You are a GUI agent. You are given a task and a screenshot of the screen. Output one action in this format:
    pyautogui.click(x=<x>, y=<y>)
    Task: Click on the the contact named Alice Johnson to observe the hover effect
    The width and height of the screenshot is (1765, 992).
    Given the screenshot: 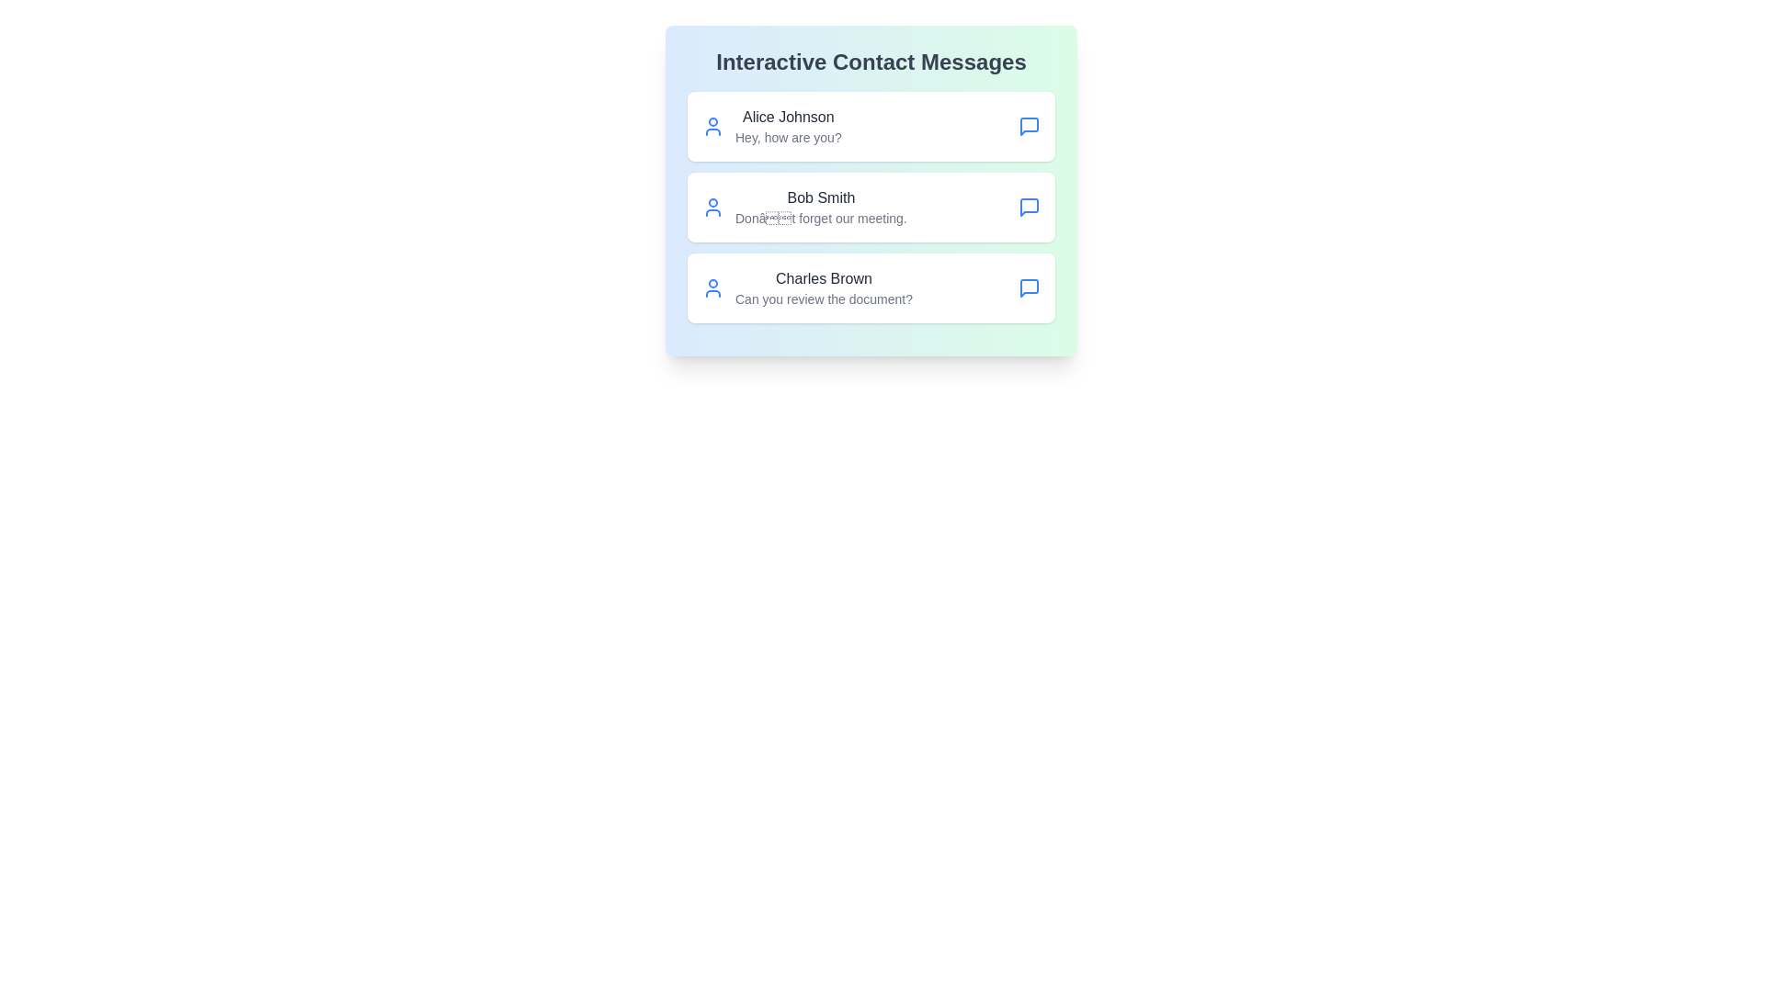 What is the action you would take?
    pyautogui.click(x=871, y=126)
    